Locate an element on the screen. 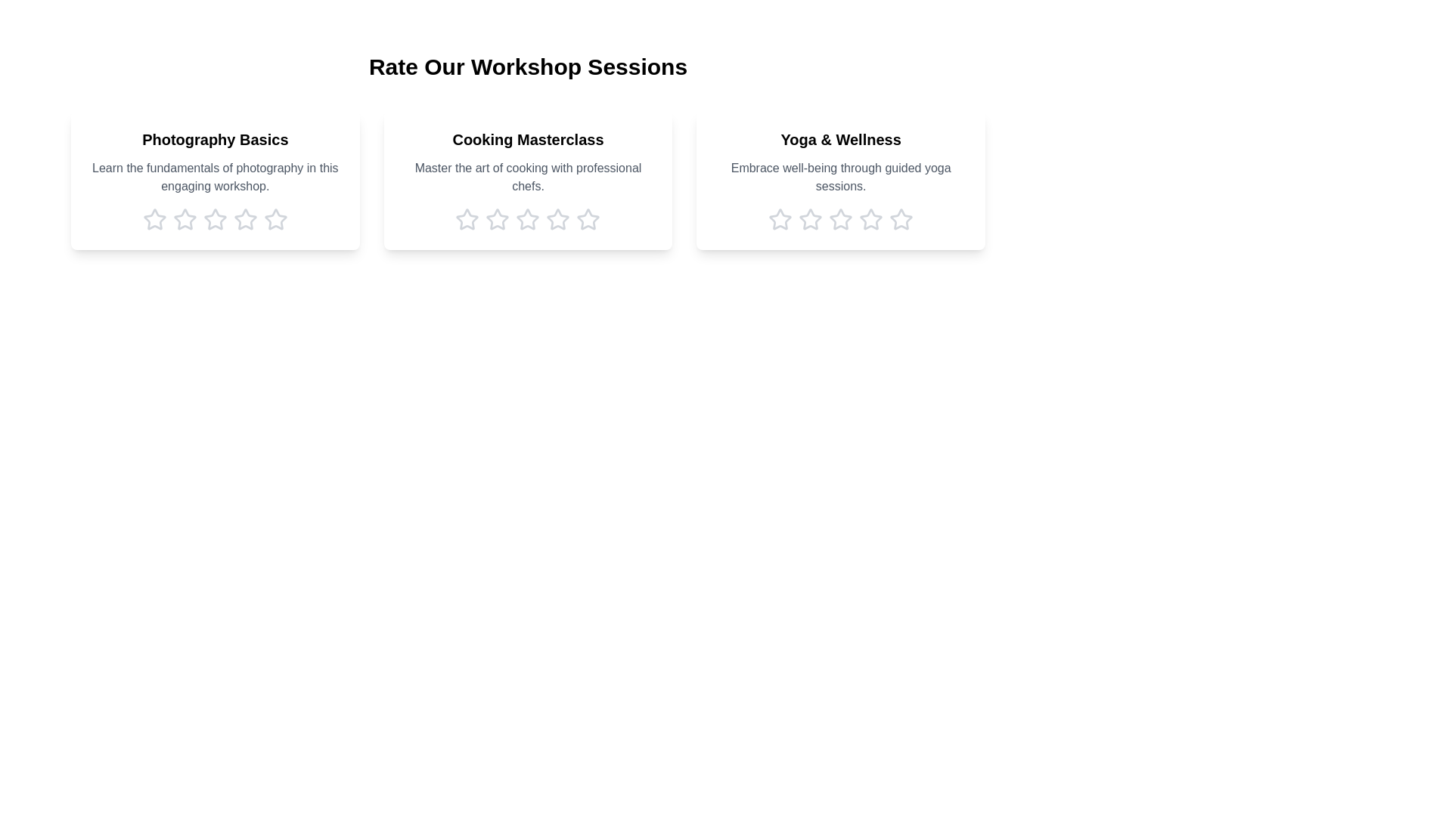 The width and height of the screenshot is (1452, 816). the 4 star for the specified workshop to preview the selection is located at coordinates (245, 219).